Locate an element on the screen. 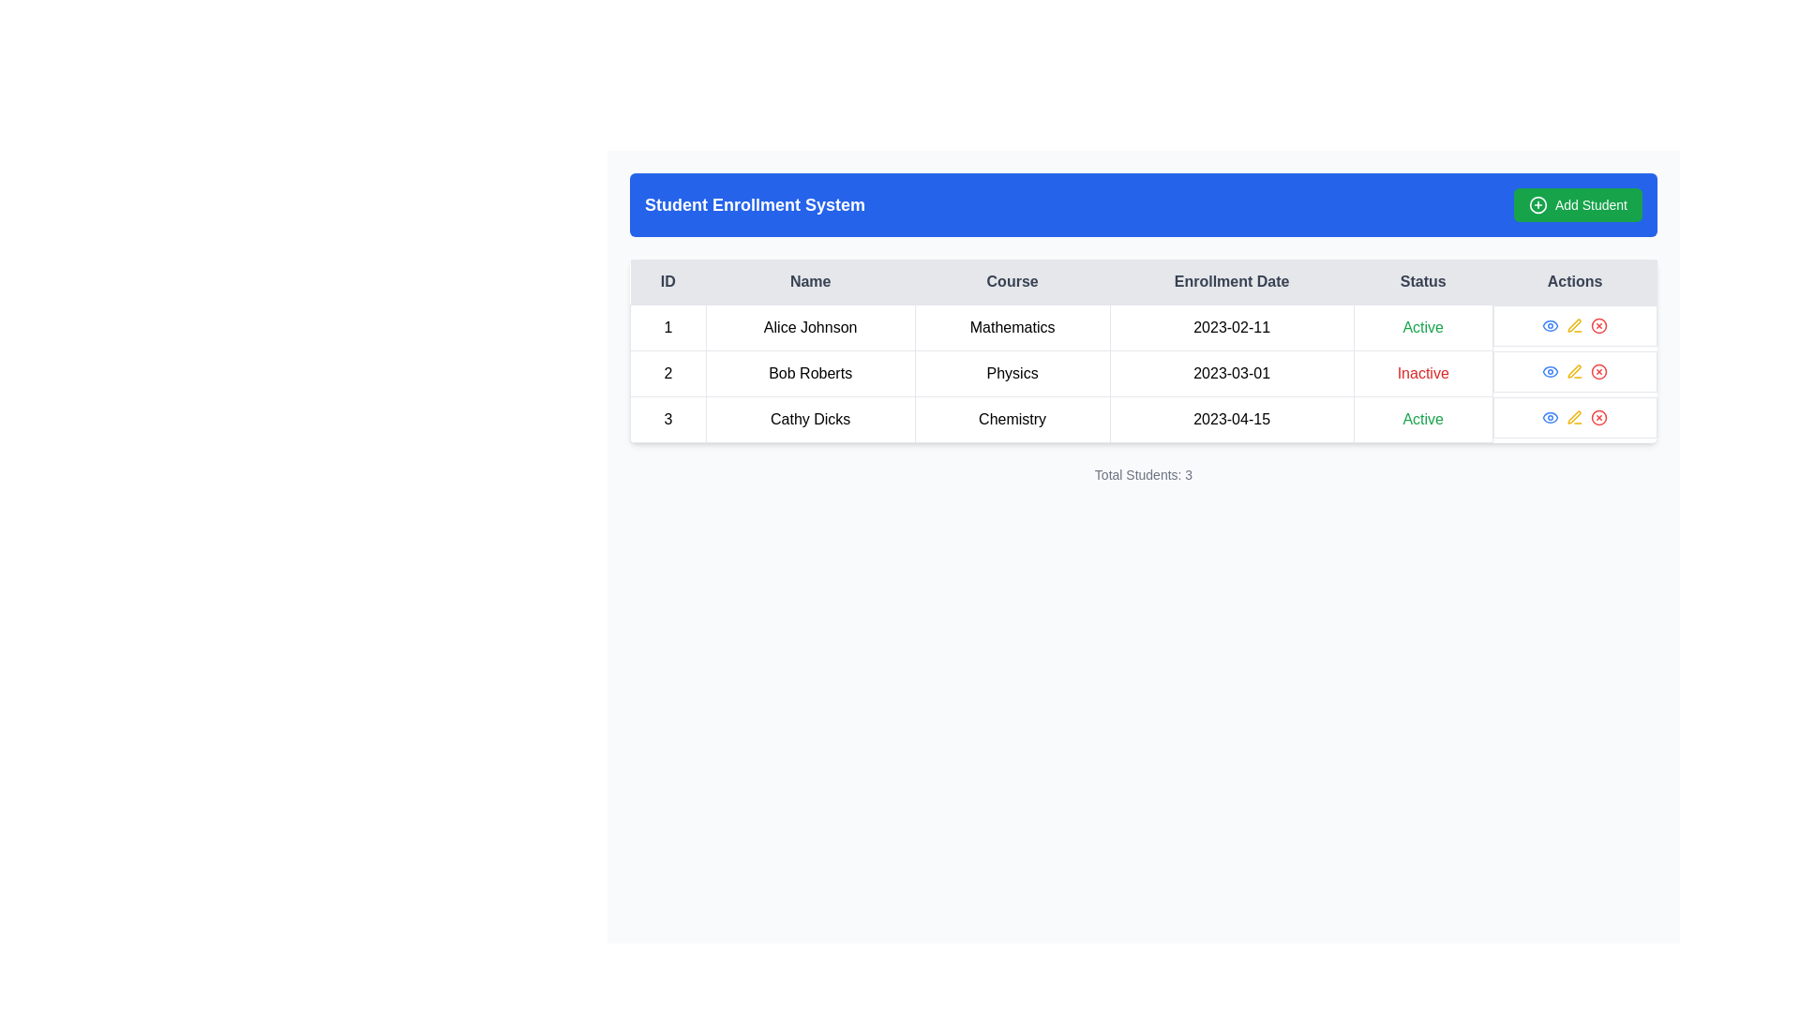  the 'Total Students: 3' text label, which is a small gray font label centered below the student listing table is located at coordinates (1142, 473).